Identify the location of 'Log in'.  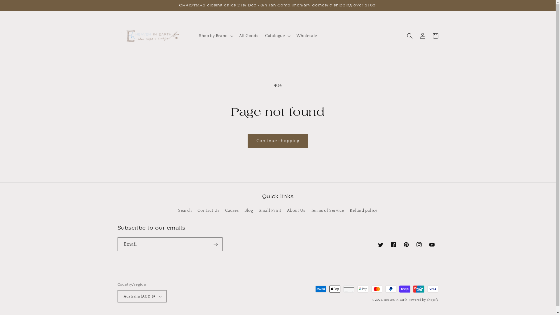
(422, 36).